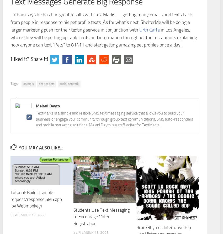 Image resolution: width=223 pixels, height=234 pixels. Describe the element at coordinates (41, 148) in the screenshot. I see `'You may also like...'` at that location.